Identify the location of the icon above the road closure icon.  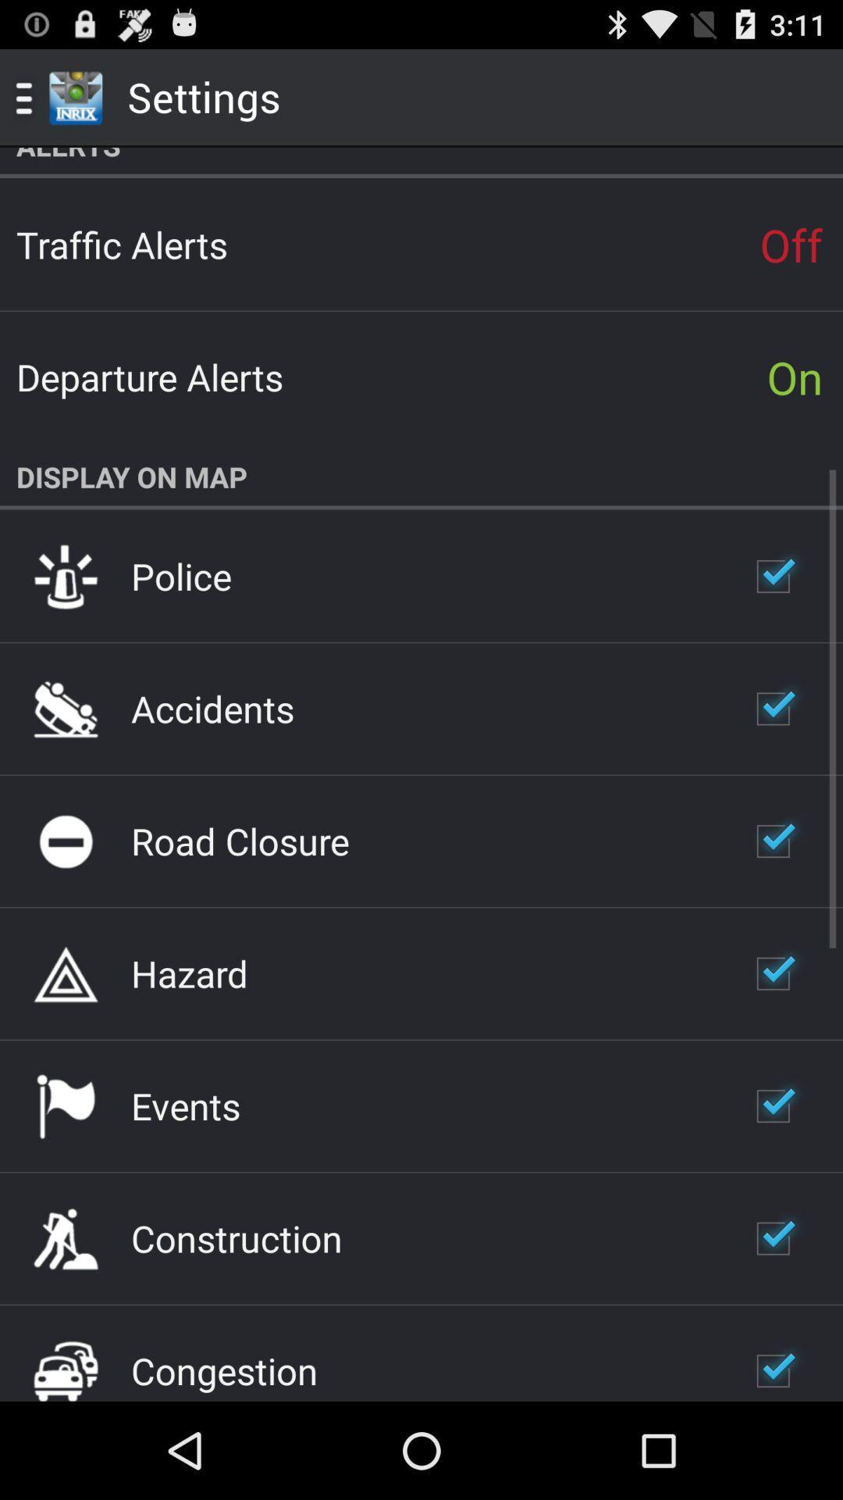
(212, 708).